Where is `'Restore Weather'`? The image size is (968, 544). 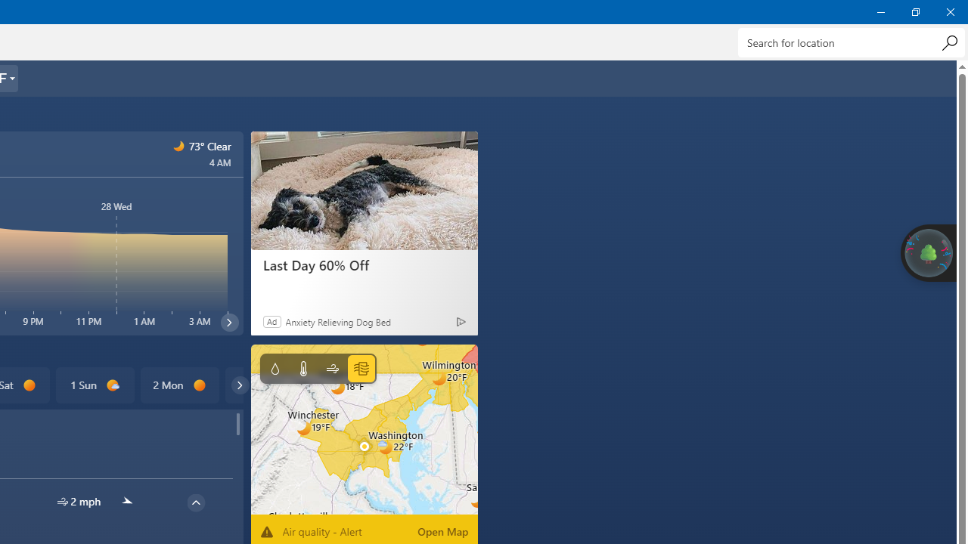 'Restore Weather' is located at coordinates (914, 11).